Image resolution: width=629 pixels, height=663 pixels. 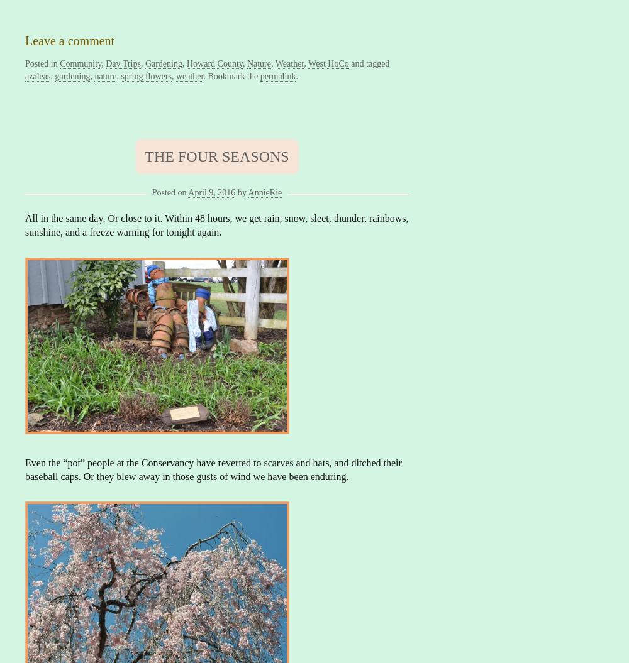 What do you see at coordinates (242, 192) in the screenshot?
I see `'by'` at bounding box center [242, 192].